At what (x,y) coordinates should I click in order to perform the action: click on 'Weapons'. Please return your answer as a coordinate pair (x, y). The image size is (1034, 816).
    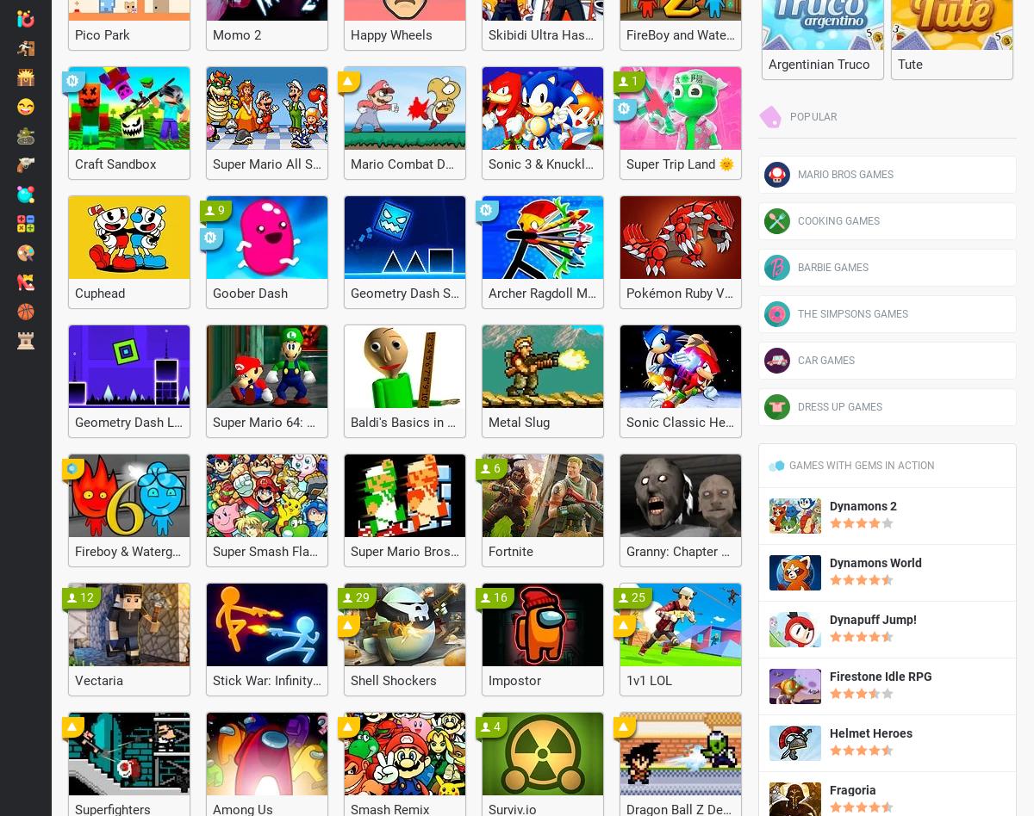
    Looking at the image, I should click on (78, 164).